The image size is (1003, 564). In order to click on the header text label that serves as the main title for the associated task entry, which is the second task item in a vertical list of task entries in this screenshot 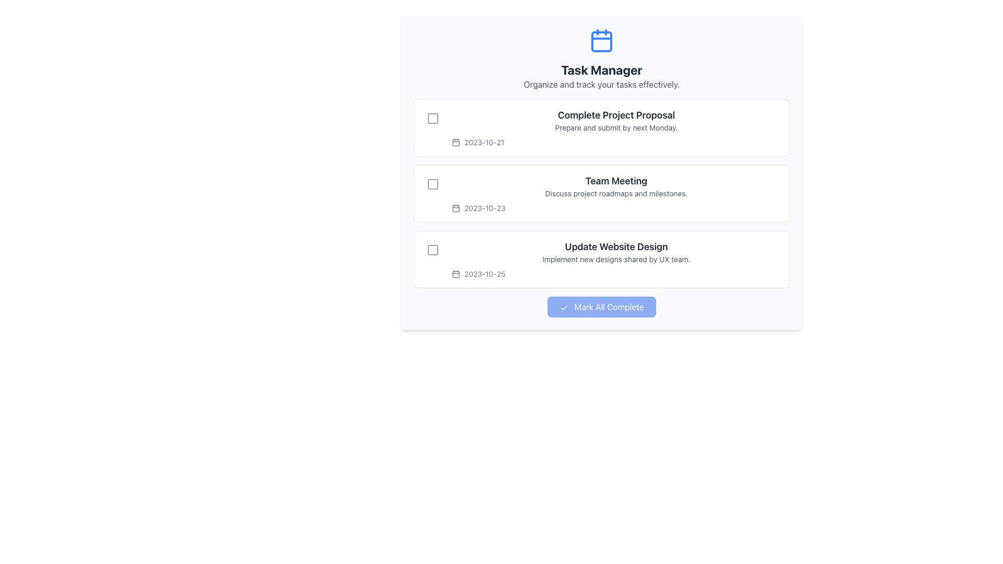, I will do `click(616, 181)`.